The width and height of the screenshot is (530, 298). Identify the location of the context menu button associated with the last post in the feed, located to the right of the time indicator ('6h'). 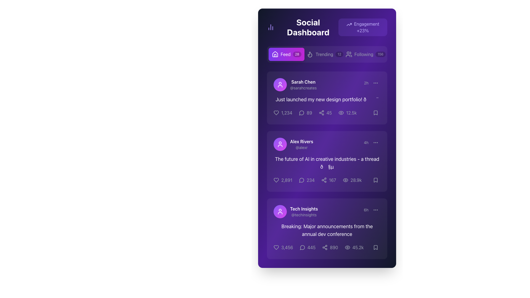
(375, 210).